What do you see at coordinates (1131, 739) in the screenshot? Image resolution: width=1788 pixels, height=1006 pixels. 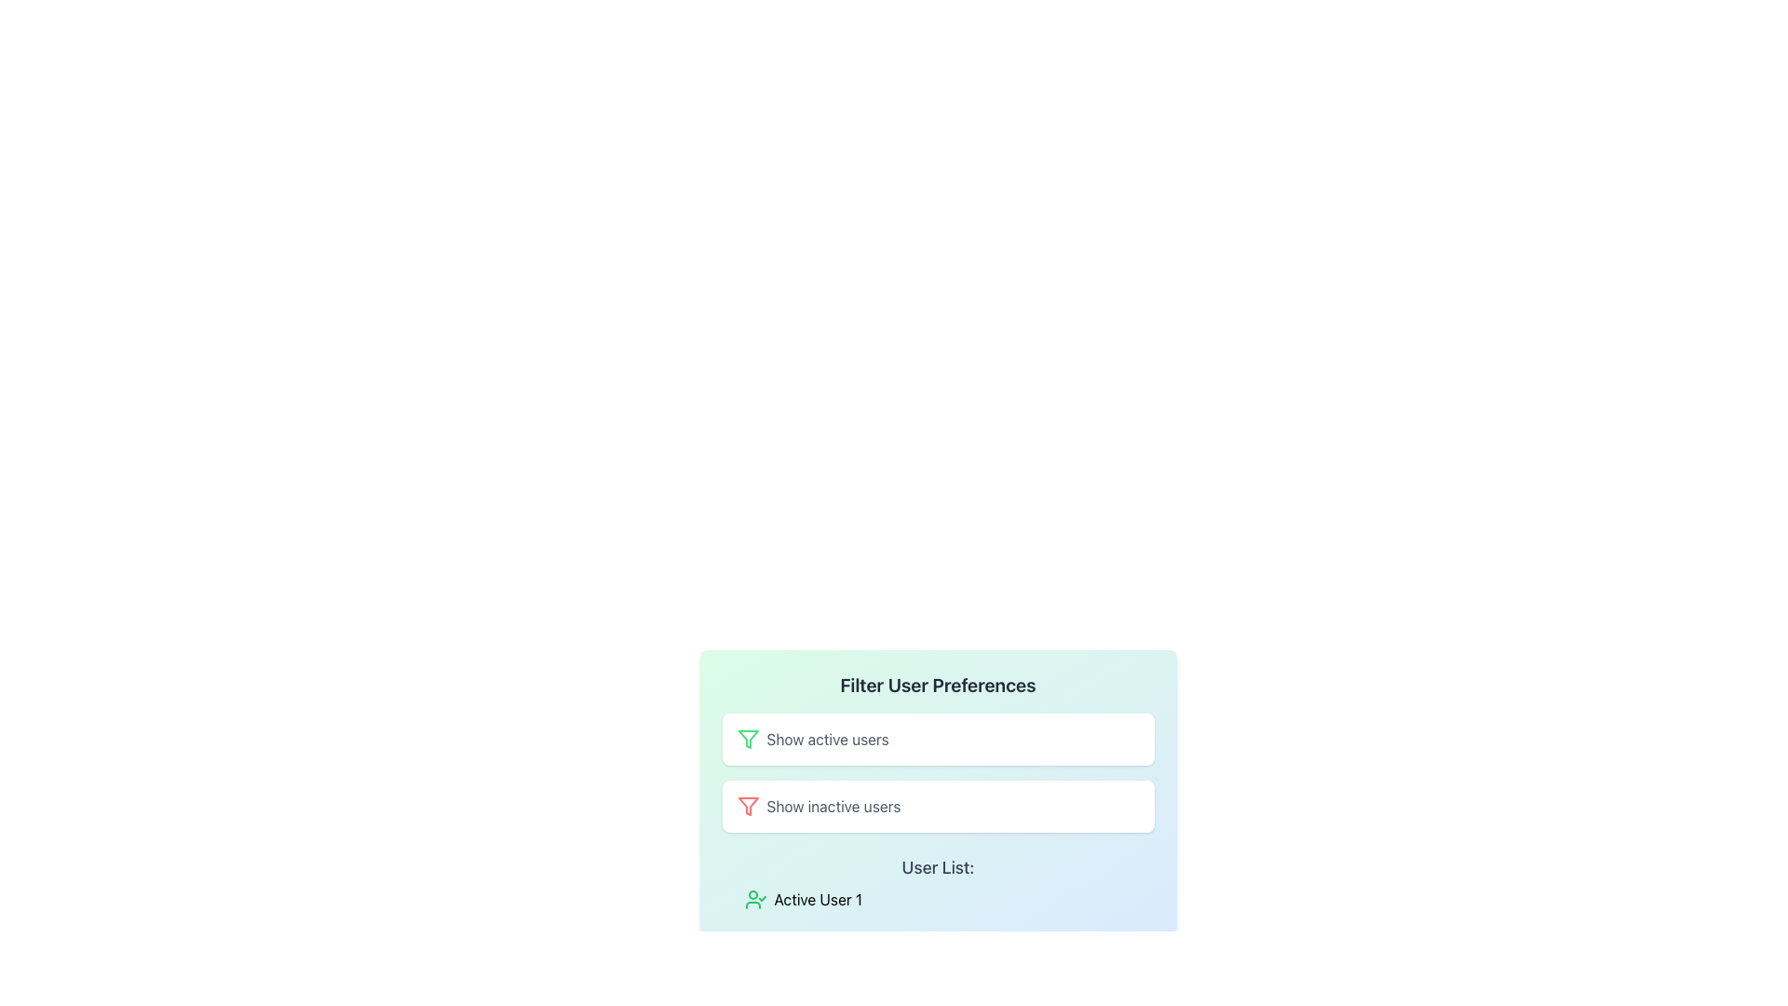 I see `the circular toggle switch lever located on the far right of the blue rectangular bar` at bounding box center [1131, 739].